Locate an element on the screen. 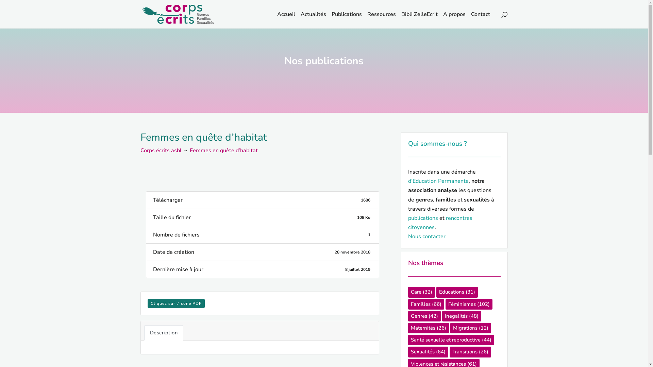  'Ressources' is located at coordinates (367, 20).